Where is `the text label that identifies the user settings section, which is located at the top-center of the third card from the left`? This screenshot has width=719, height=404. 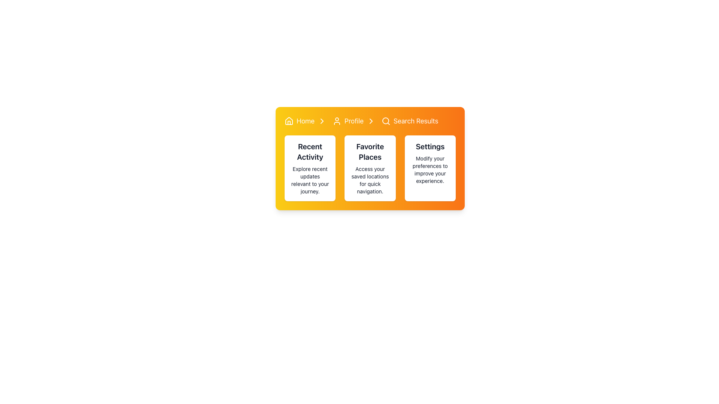
the text label that identifies the user settings section, which is located at the top-center of the third card from the left is located at coordinates (430, 147).